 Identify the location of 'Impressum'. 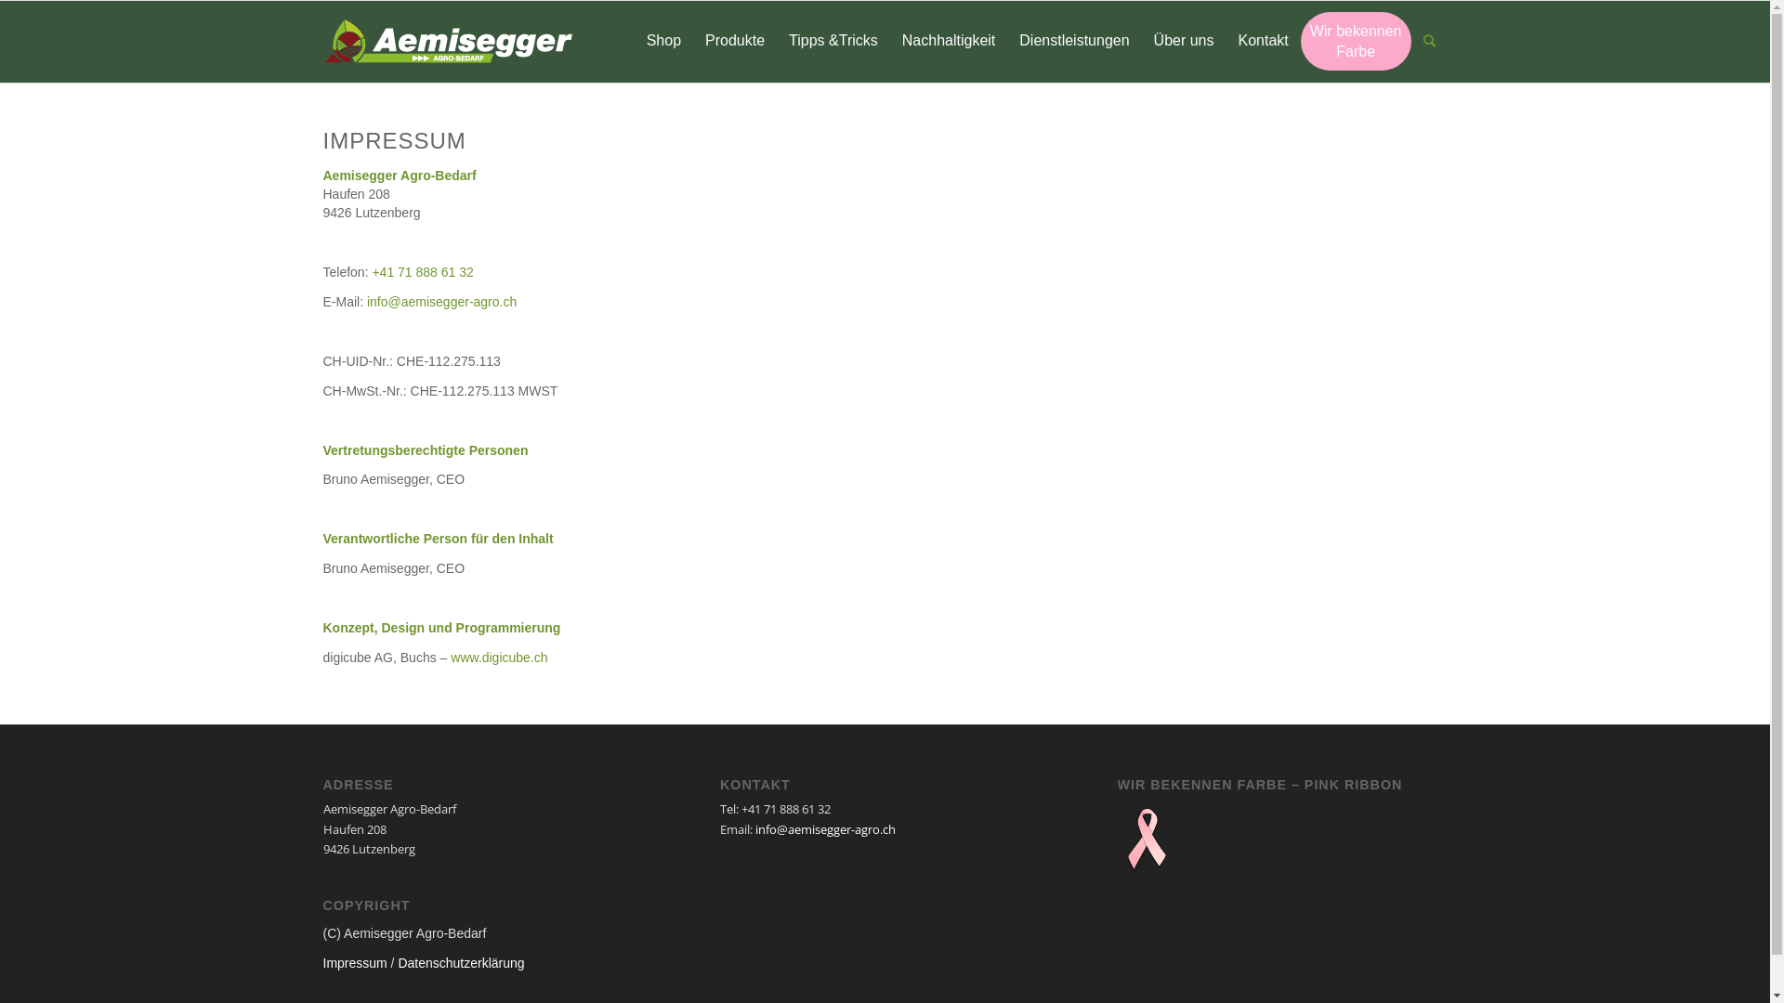
(355, 962).